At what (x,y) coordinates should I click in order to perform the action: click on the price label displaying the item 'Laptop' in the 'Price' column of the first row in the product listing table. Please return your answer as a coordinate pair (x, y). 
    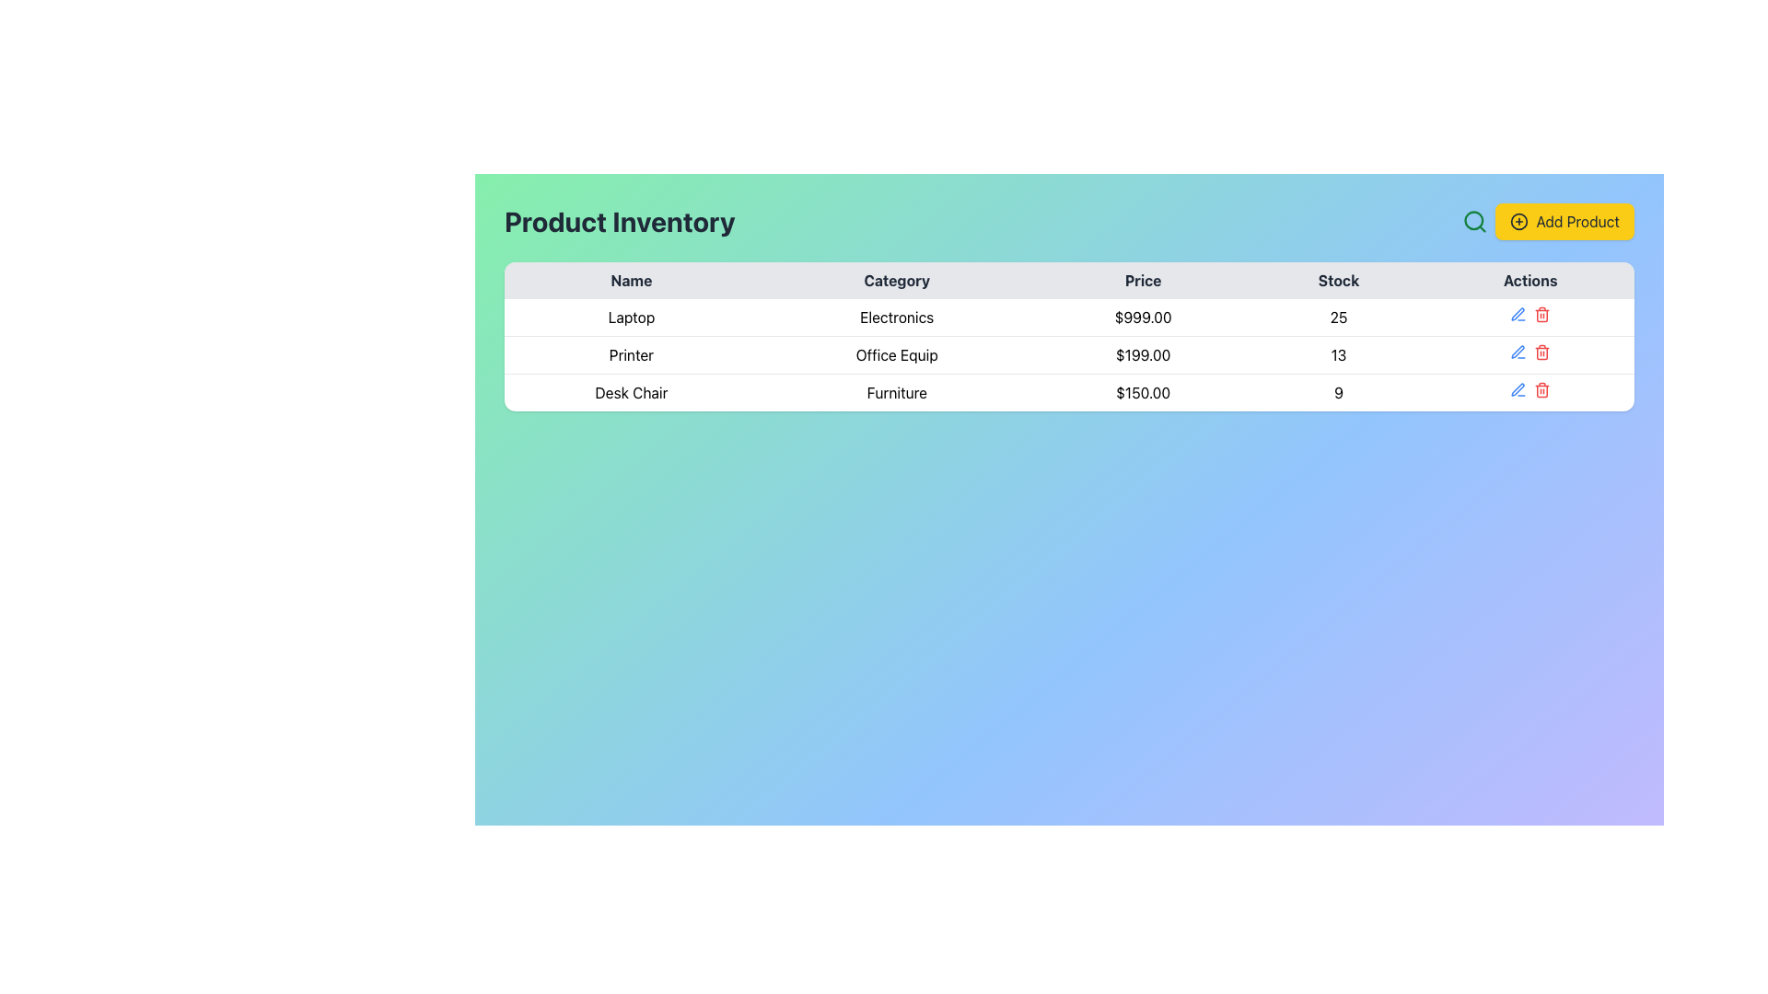
    Looking at the image, I should click on (1142, 317).